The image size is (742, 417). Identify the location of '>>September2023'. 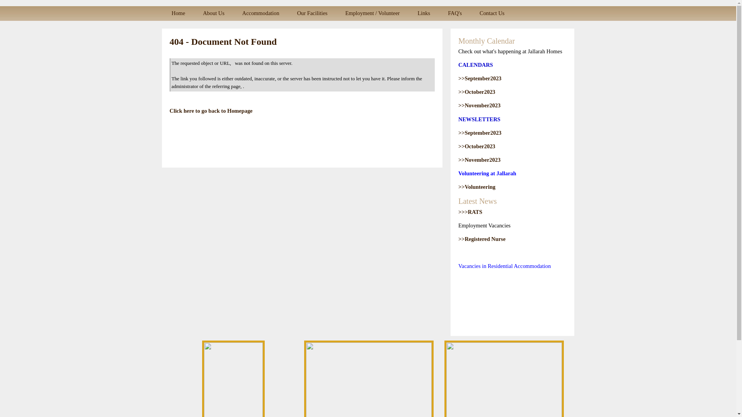
(480, 78).